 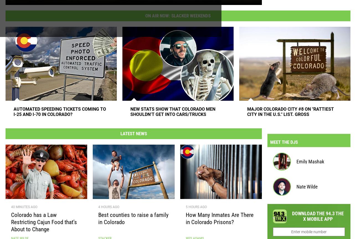 What do you see at coordinates (247, 113) in the screenshot?
I see `'Major Colorado City #8 On "Rattiest City in the U.S." List. Gross'` at bounding box center [247, 113].